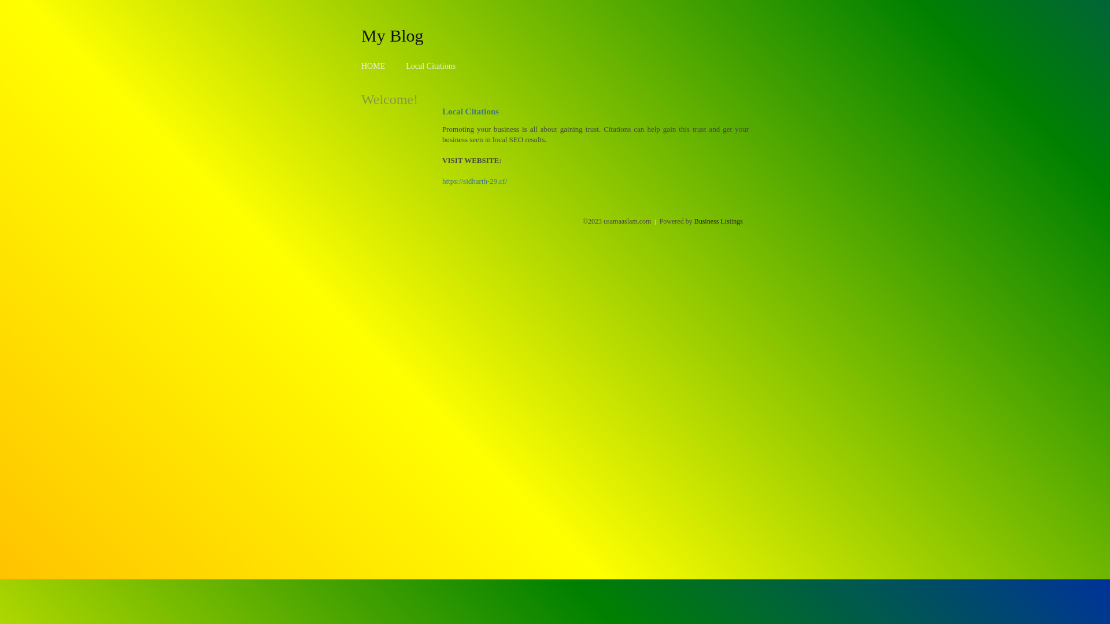  What do you see at coordinates (373, 66) in the screenshot?
I see `'HOME'` at bounding box center [373, 66].